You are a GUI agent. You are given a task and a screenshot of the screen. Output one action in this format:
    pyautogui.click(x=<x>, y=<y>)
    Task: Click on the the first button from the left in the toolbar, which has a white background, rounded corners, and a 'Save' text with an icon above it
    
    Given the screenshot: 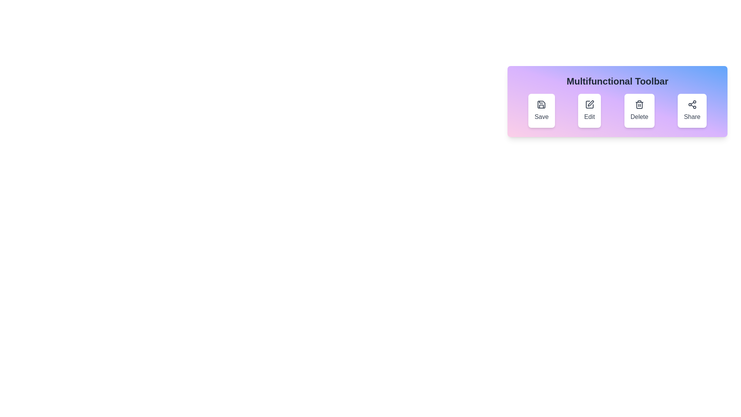 What is the action you would take?
    pyautogui.click(x=541, y=110)
    